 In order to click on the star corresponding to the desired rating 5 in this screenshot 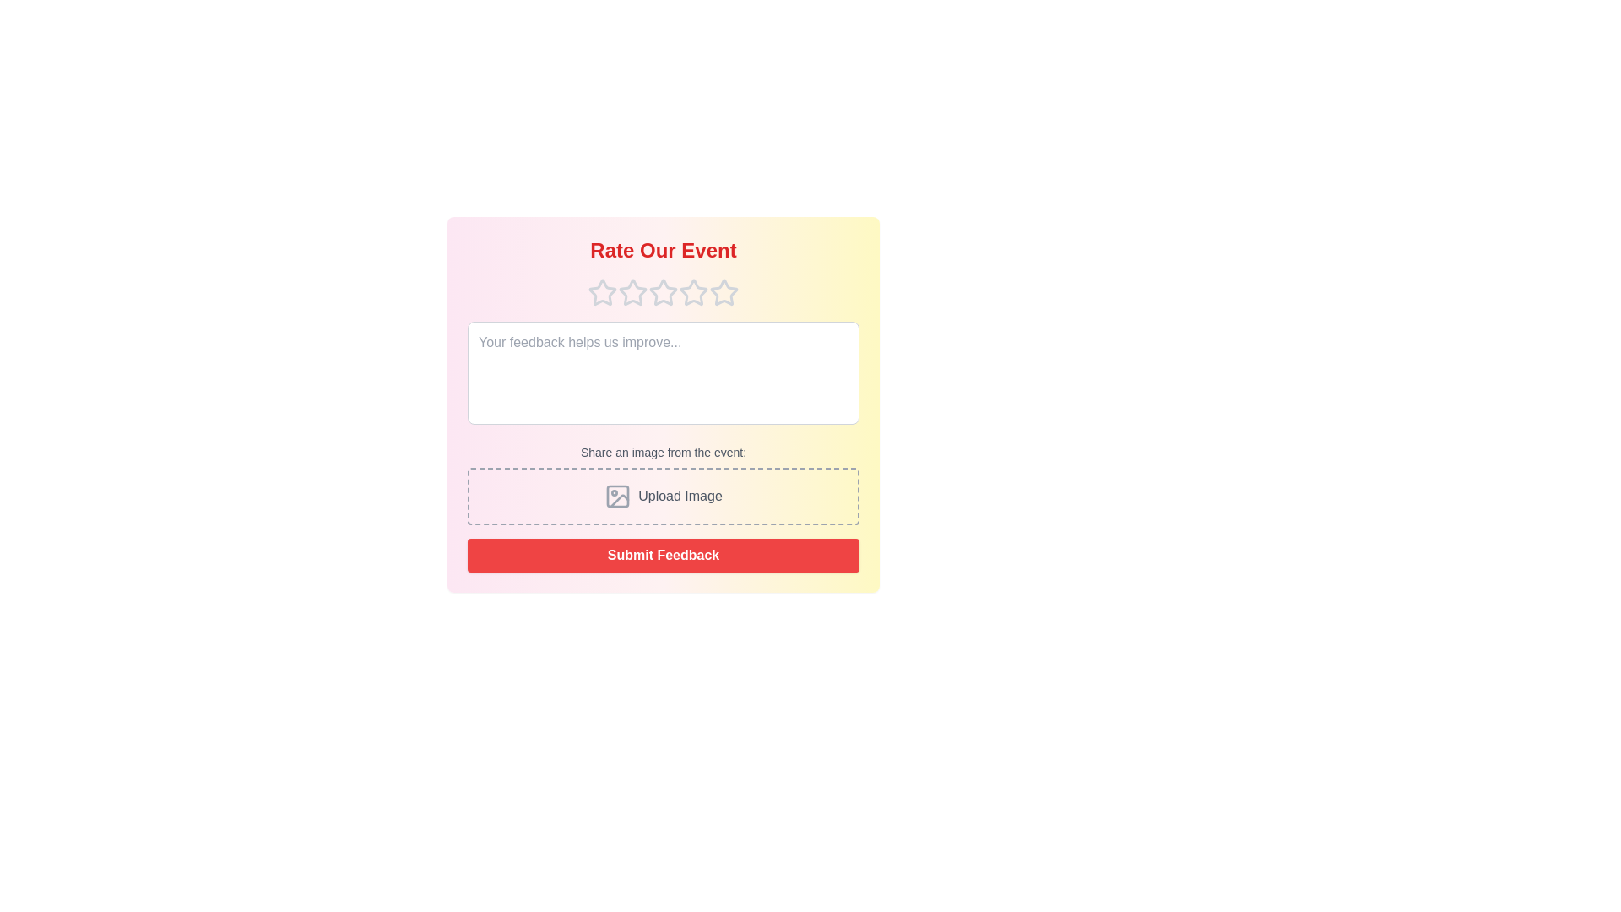, I will do `click(724, 292)`.